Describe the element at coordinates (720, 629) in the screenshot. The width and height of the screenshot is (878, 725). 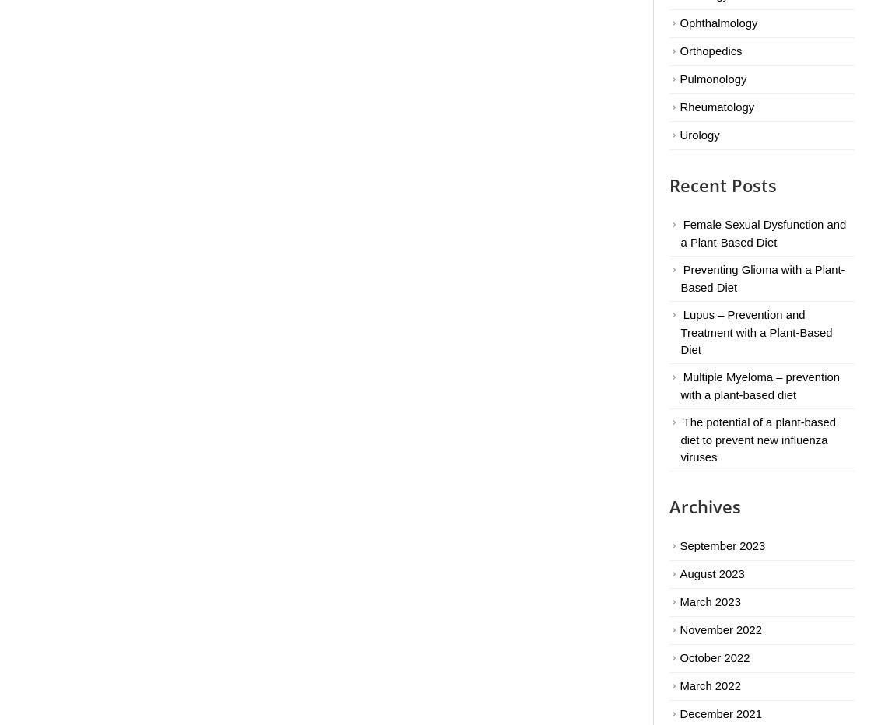
I see `'November 2022'` at that location.